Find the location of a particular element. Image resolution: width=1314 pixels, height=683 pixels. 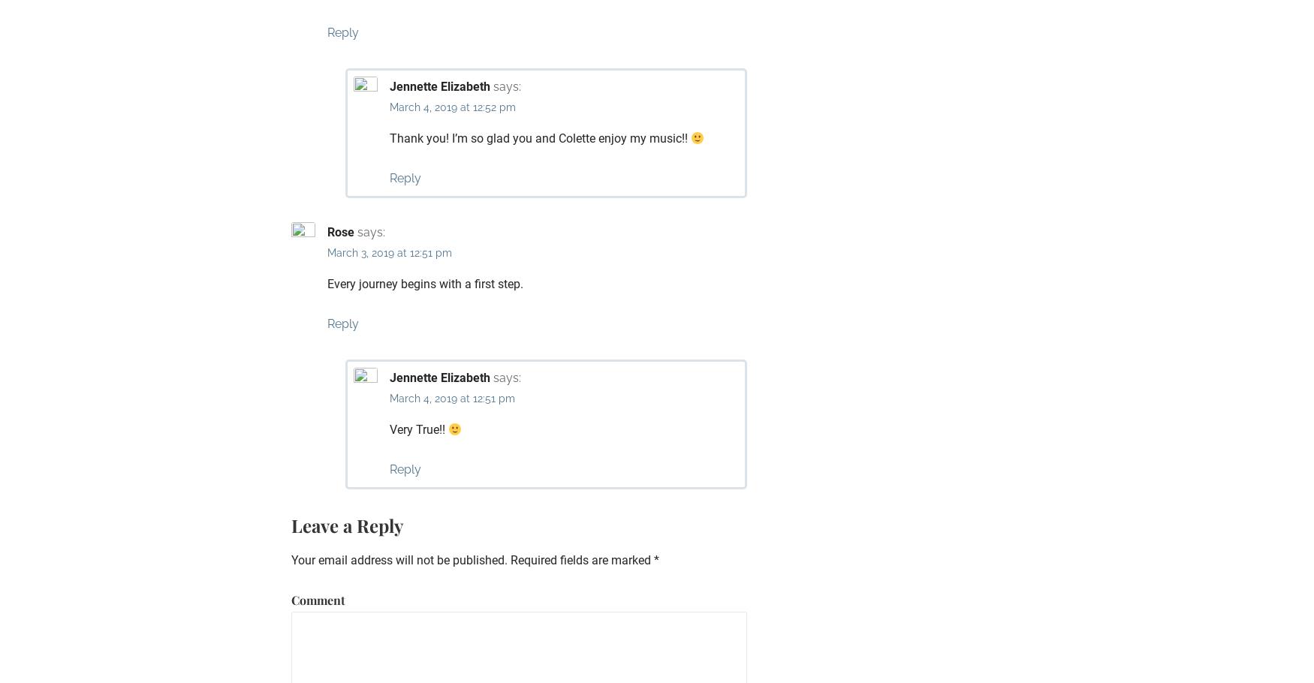

'*' is located at coordinates (656, 559).